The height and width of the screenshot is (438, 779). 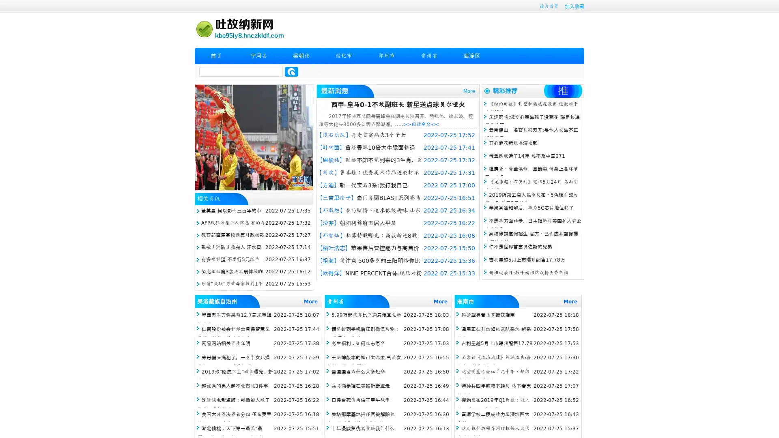 I want to click on Search, so click(x=291, y=71).